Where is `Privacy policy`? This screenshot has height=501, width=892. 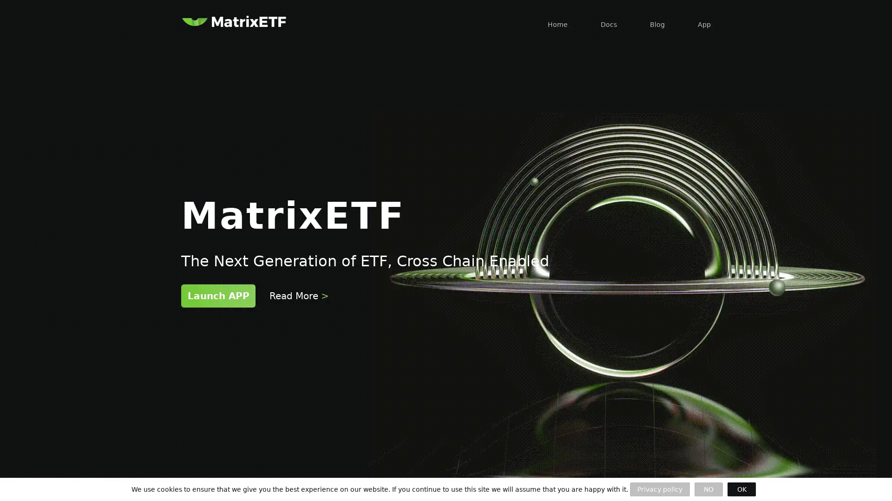 Privacy policy is located at coordinates (659, 489).